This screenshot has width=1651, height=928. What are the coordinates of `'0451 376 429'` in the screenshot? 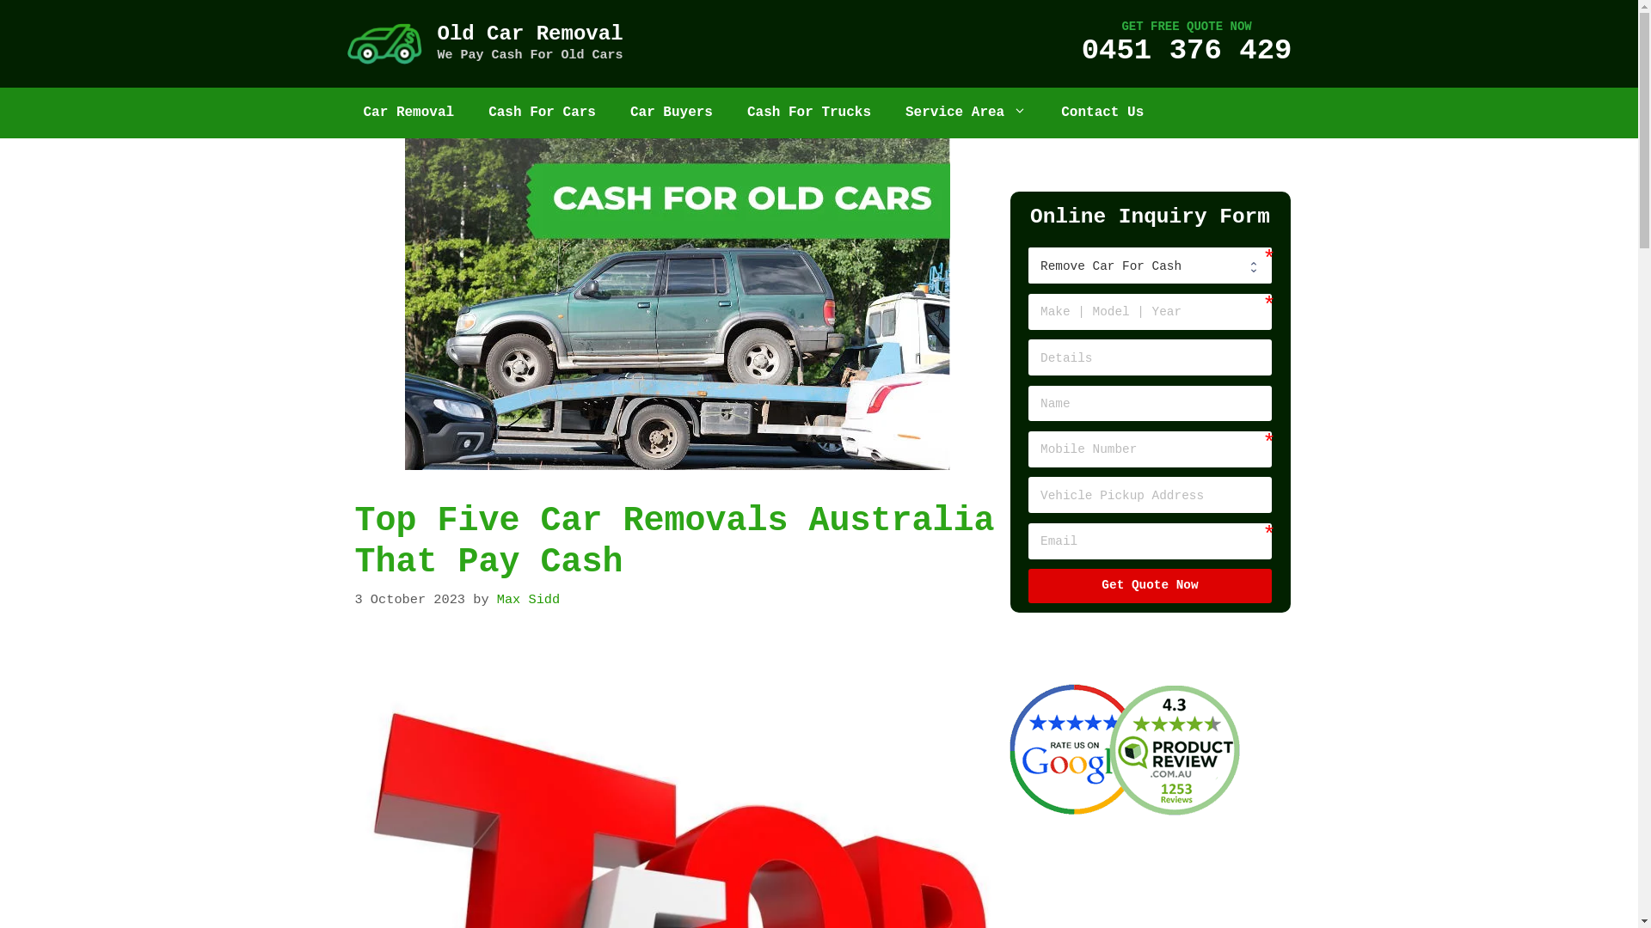 It's located at (1186, 49).